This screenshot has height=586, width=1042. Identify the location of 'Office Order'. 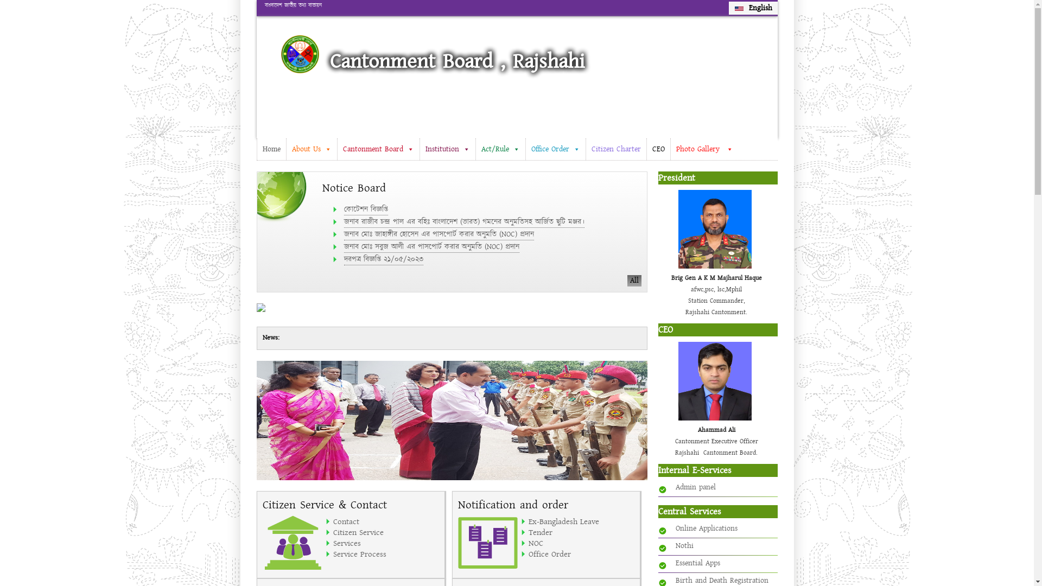
(581, 554).